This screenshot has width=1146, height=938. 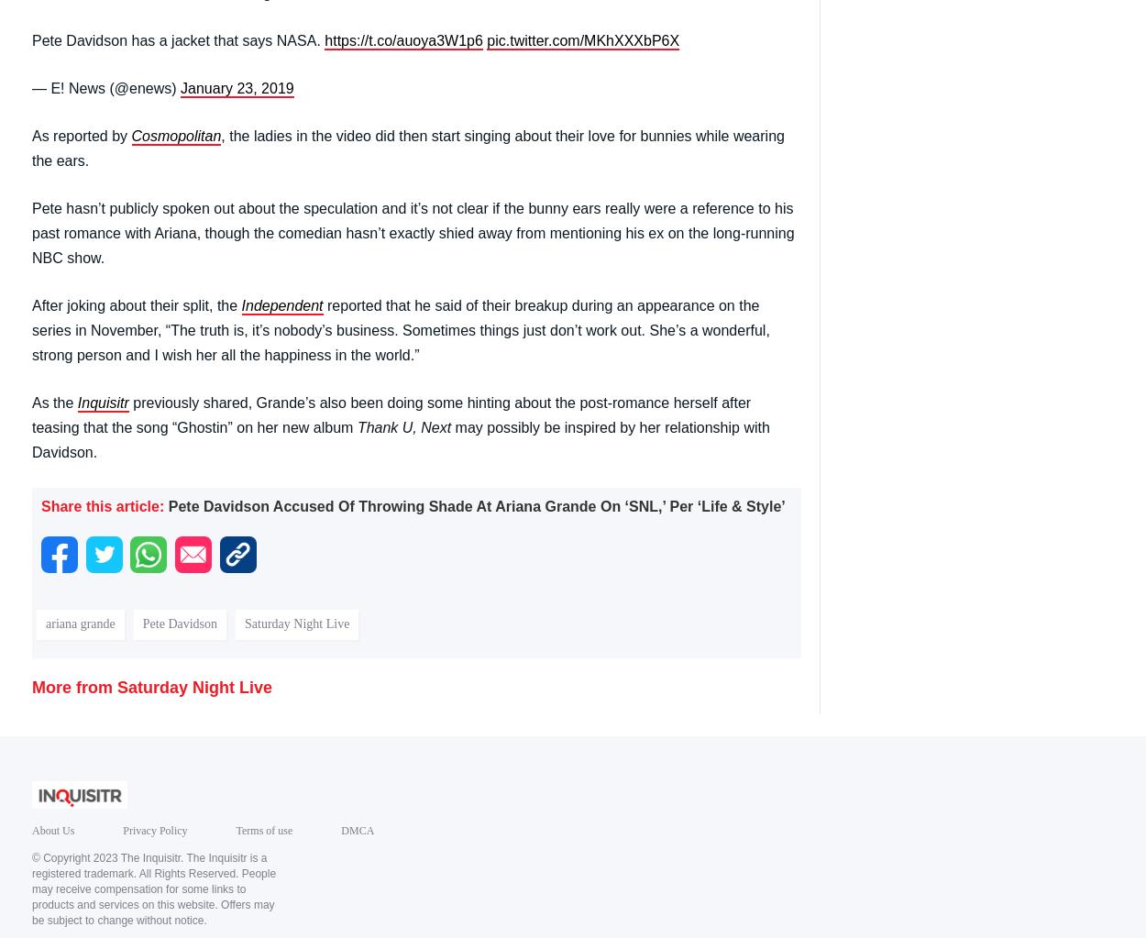 I want to click on 'Pete Davidson', so click(x=179, y=622).